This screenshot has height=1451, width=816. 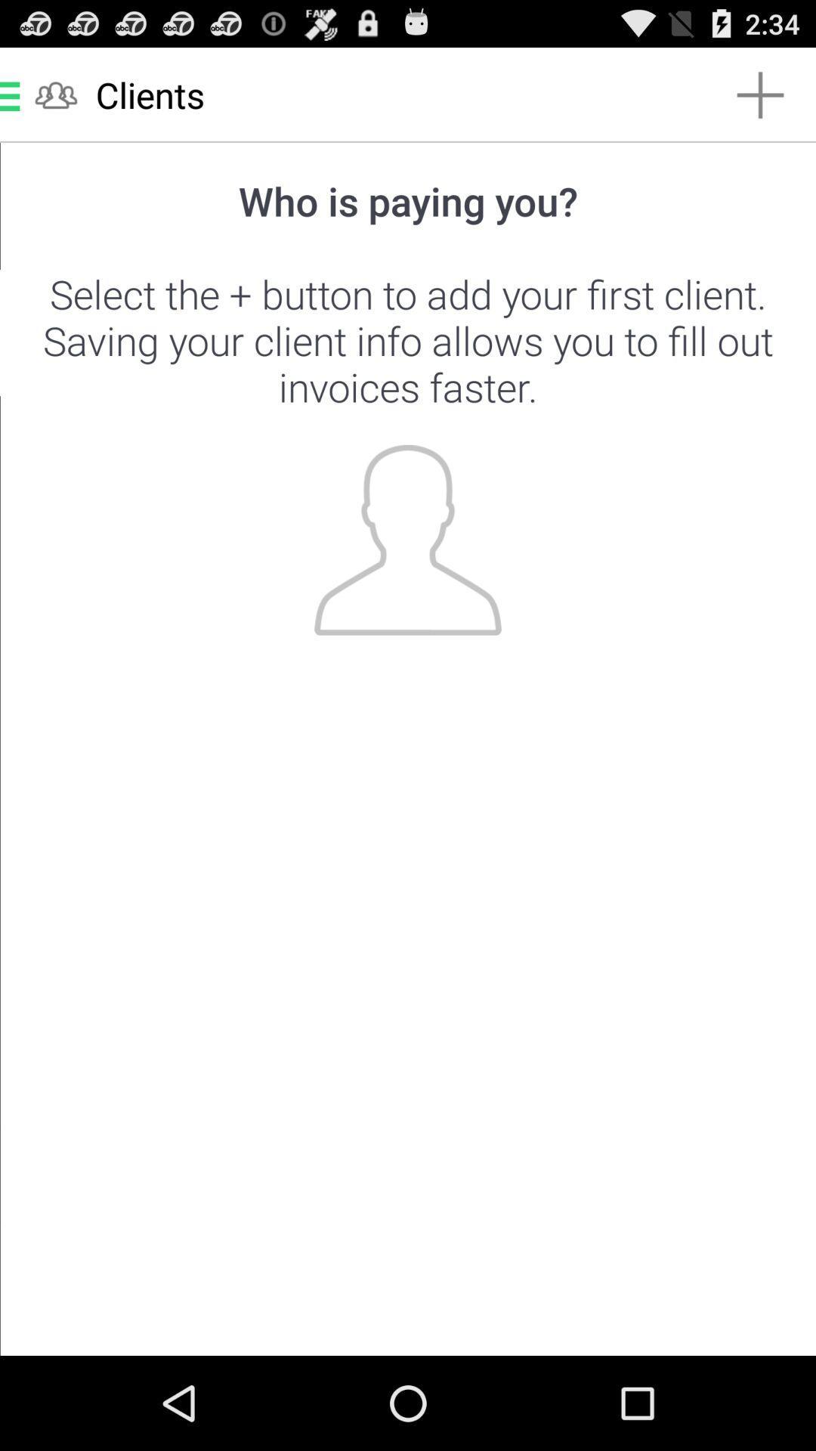 I want to click on new client information, so click(x=408, y=749).